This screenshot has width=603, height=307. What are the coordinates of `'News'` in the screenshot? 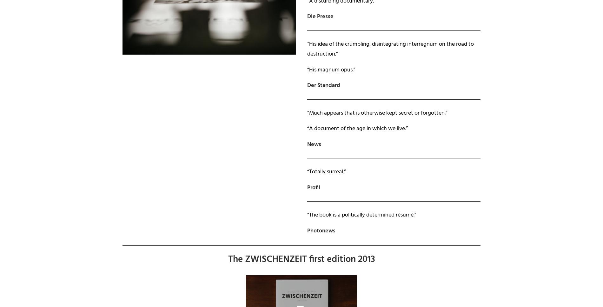 It's located at (314, 144).